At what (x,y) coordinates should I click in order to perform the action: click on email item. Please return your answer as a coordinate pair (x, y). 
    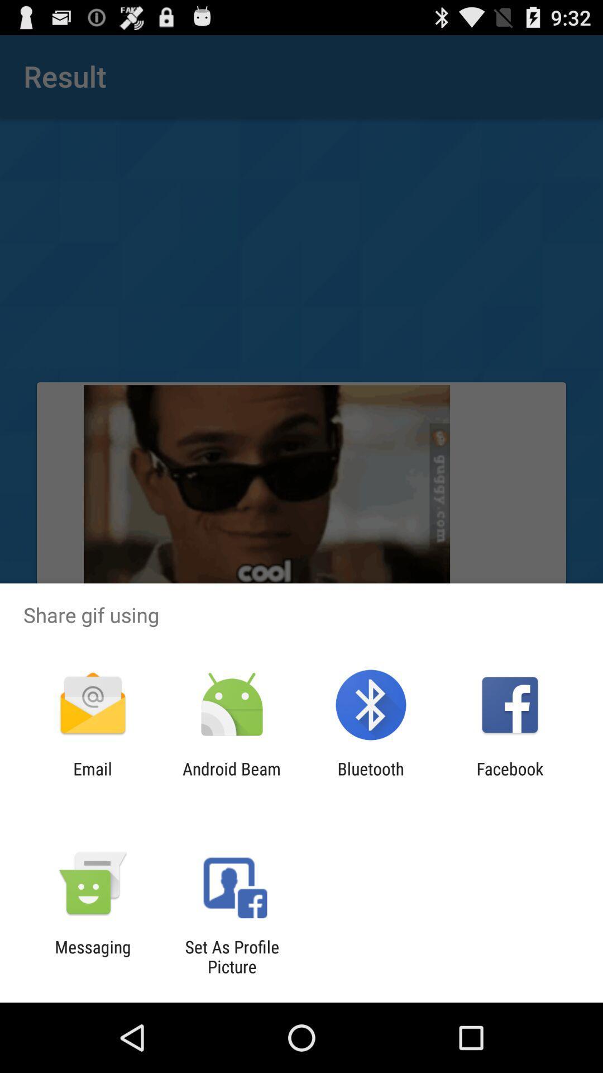
    Looking at the image, I should click on (92, 778).